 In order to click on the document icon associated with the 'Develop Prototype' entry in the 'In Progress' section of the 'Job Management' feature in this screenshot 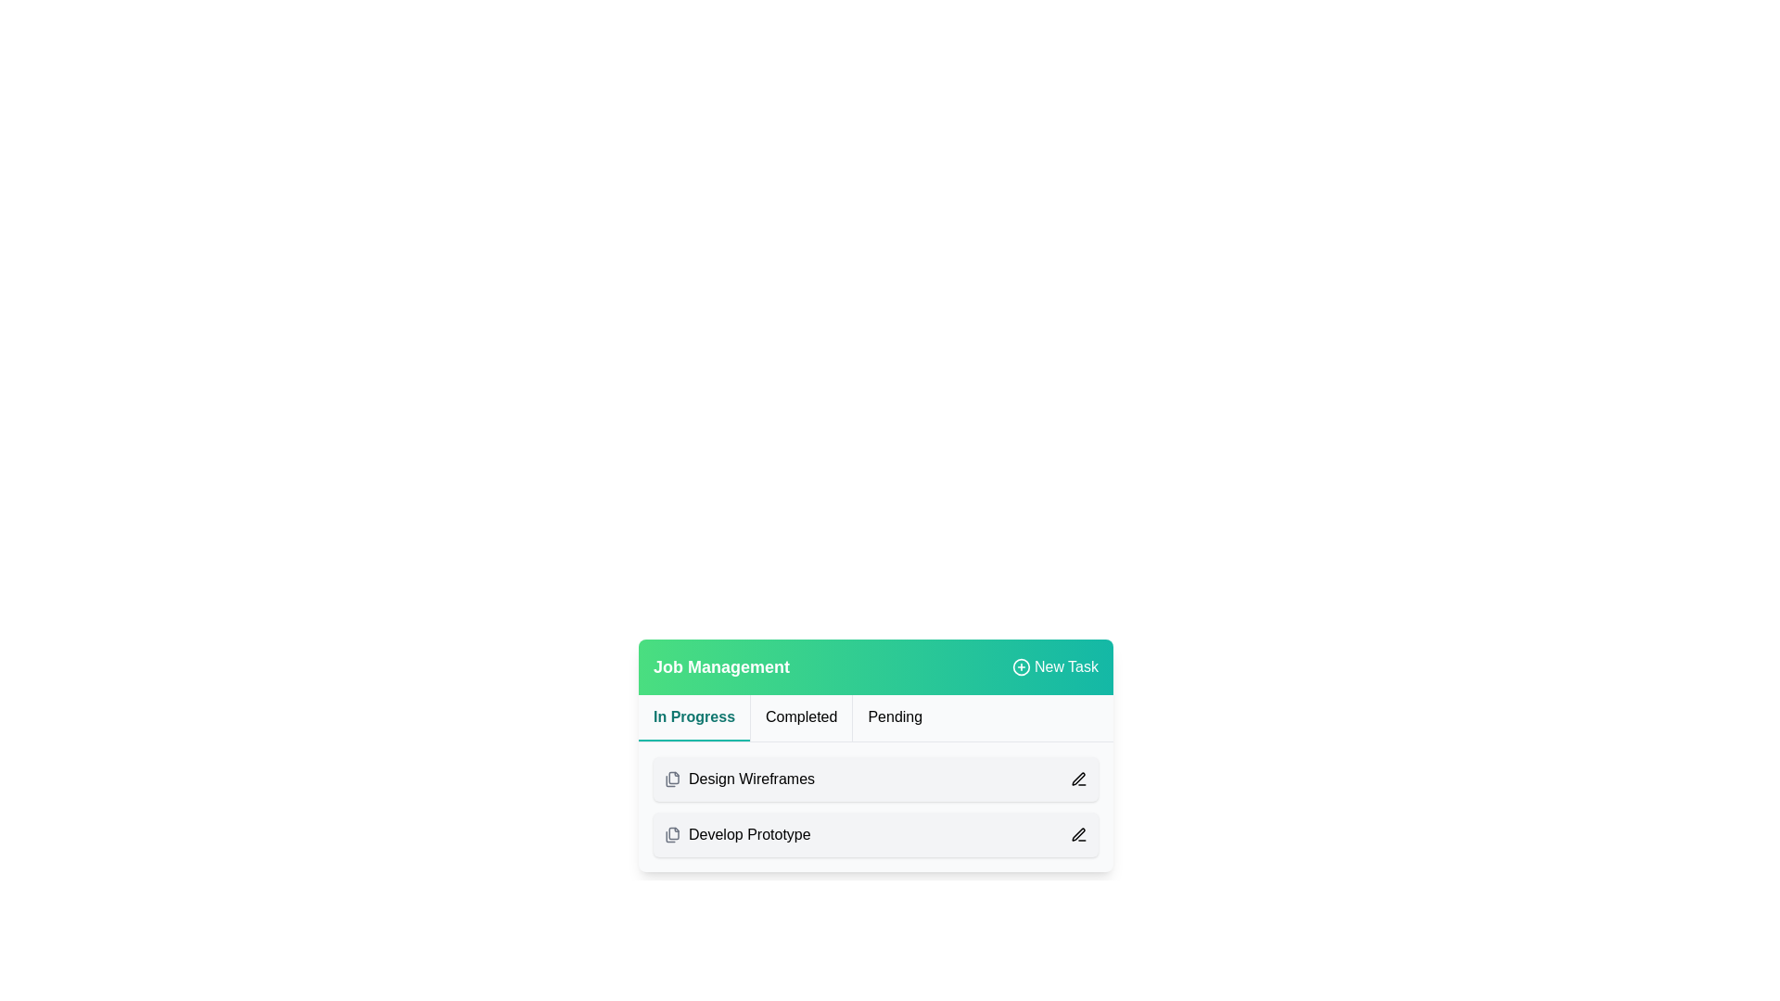, I will do `click(673, 832)`.